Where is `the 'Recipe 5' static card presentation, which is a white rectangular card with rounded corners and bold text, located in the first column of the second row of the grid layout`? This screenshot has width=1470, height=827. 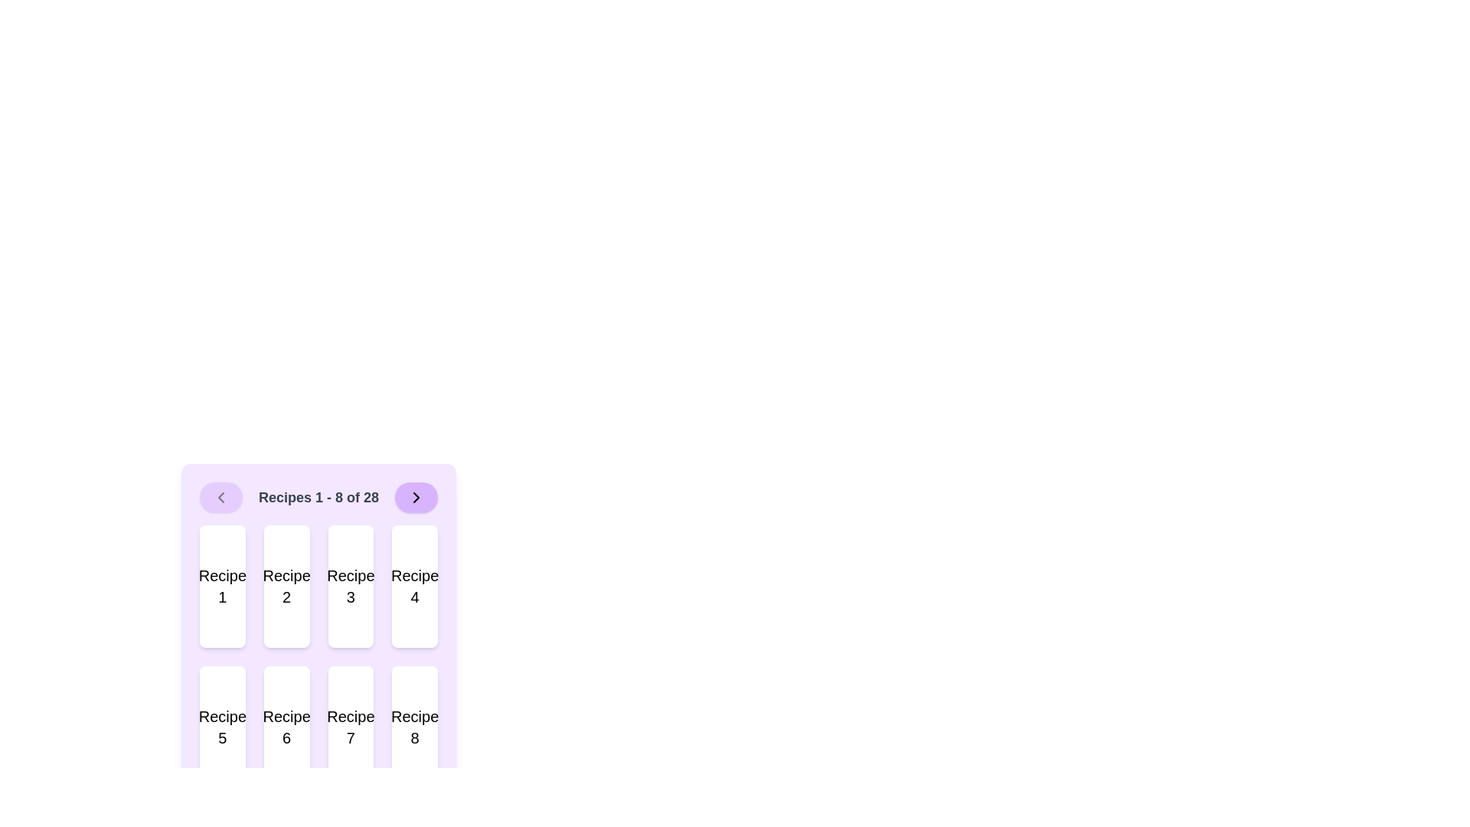 the 'Recipe 5' static card presentation, which is a white rectangular card with rounded corners and bold text, located in the first column of the second row of the grid layout is located at coordinates (221, 726).